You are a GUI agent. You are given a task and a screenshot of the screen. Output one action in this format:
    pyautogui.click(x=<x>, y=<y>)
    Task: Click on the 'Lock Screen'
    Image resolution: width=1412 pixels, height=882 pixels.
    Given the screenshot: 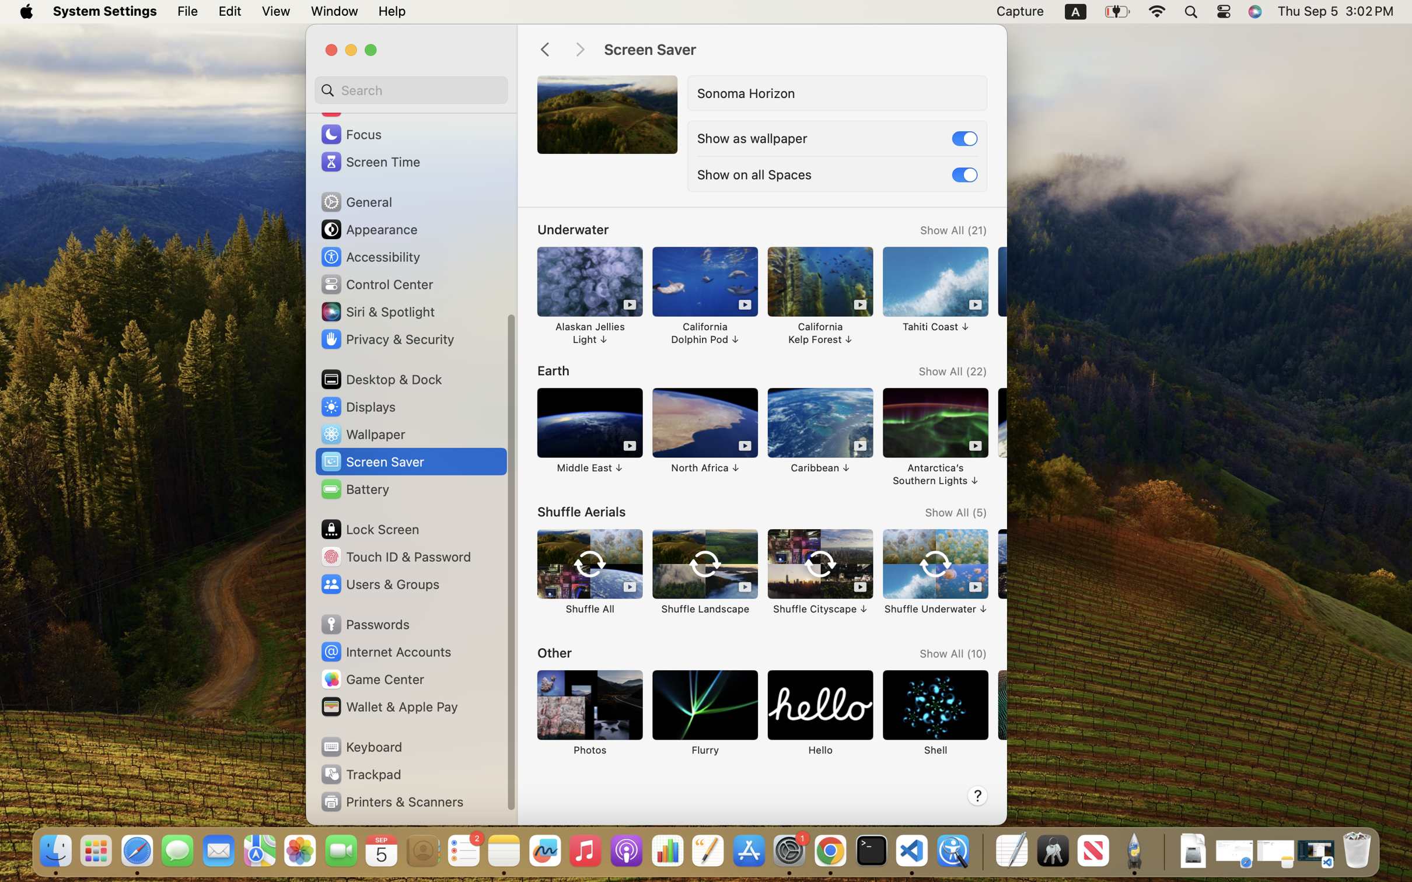 What is the action you would take?
    pyautogui.click(x=369, y=528)
    